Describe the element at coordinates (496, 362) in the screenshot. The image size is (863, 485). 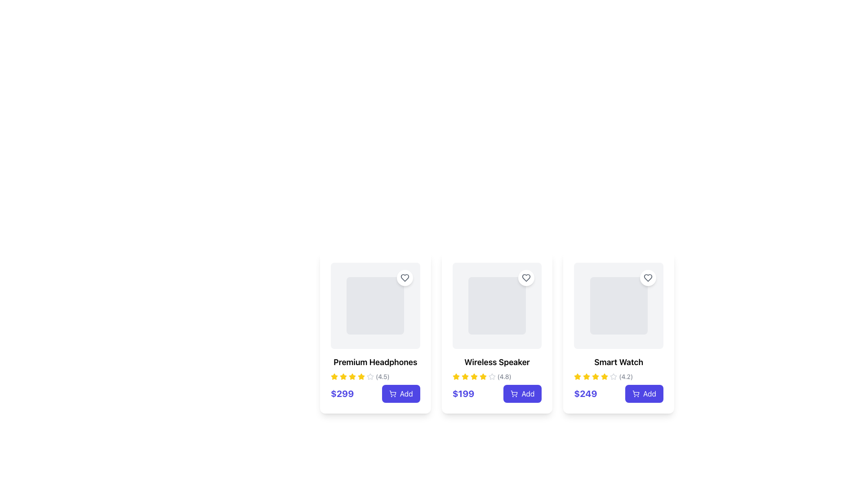
I see `the static text label which serves as the title of the product located in the second card of the horizontal product collection, positioned below the image placeholder and above the ratings and price elements` at that location.